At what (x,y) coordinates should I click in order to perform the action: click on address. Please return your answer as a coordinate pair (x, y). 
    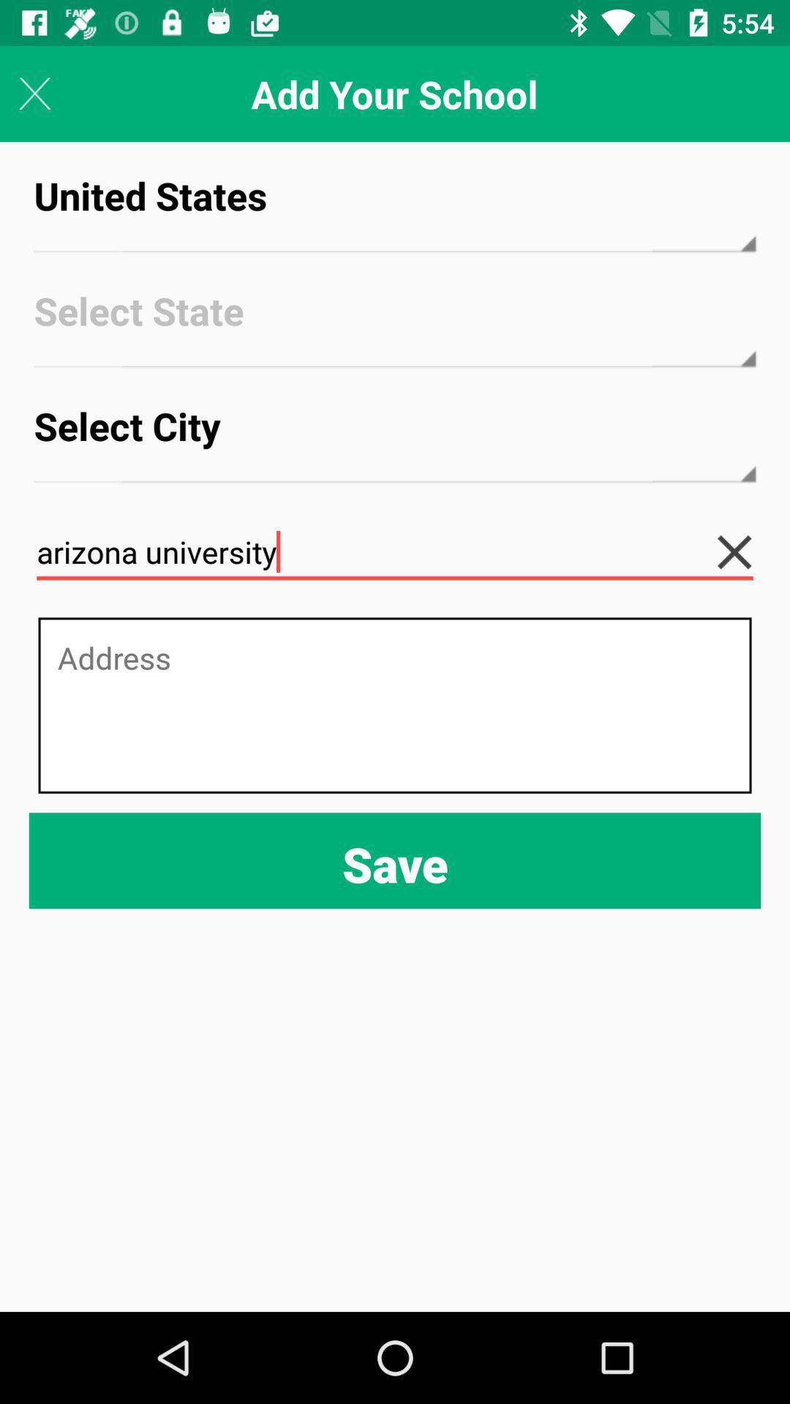
    Looking at the image, I should click on (395, 705).